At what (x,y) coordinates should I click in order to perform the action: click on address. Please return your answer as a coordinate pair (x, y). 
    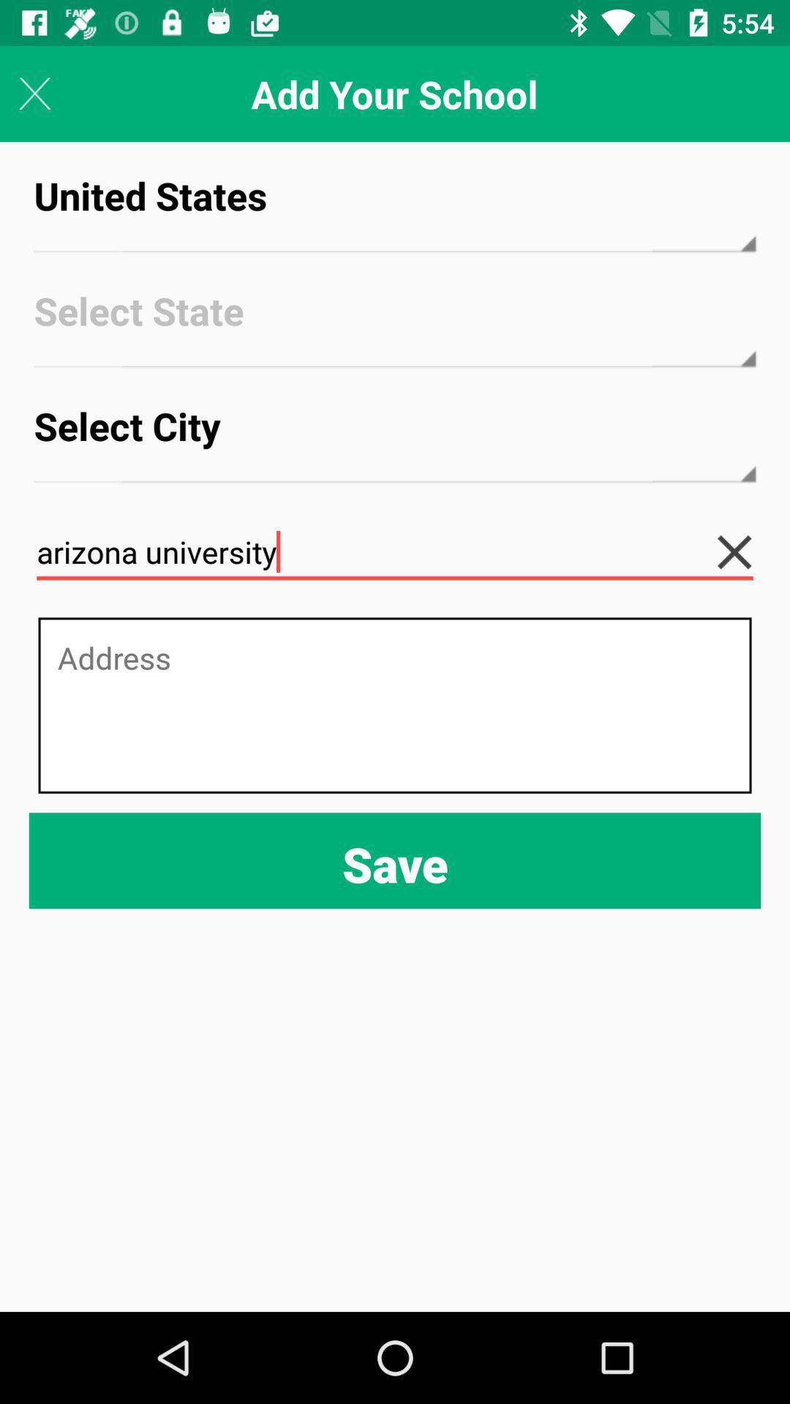
    Looking at the image, I should click on (395, 705).